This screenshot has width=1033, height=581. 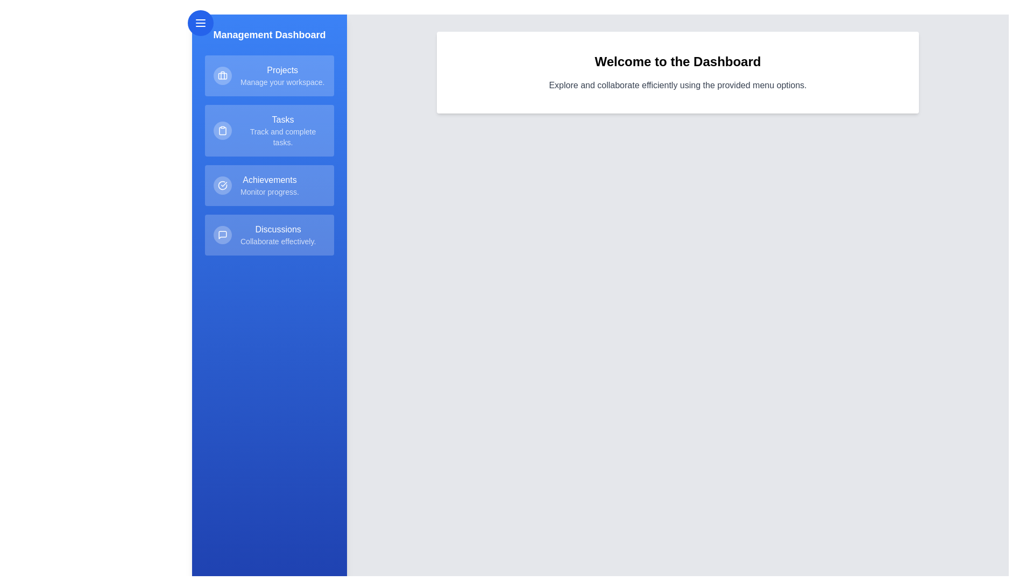 What do you see at coordinates (222, 130) in the screenshot?
I see `the icon for Tasks in the drawer` at bounding box center [222, 130].